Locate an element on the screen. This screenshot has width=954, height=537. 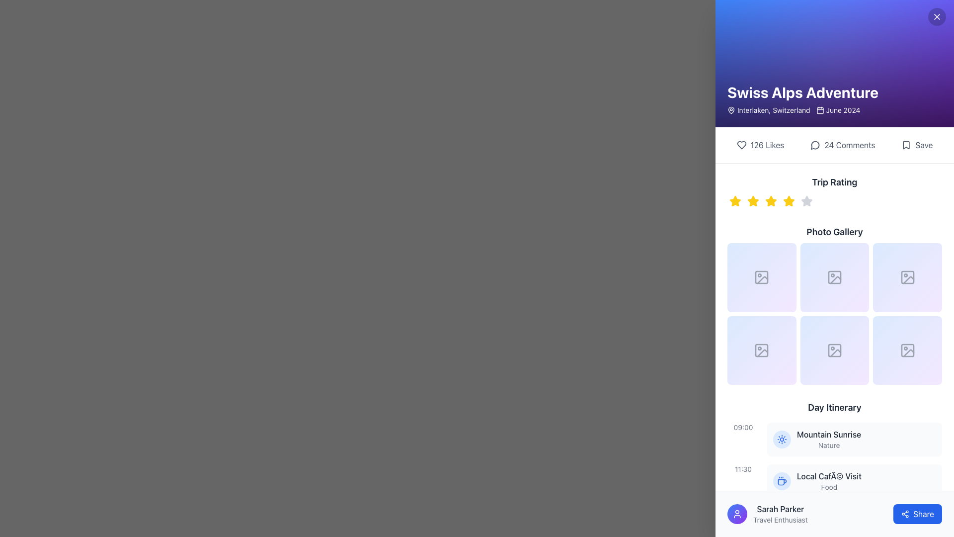
the 'Local Café Visit' itinerary entry, which features the time '11:30', a blue coffee cup icon, and is positioned between 'Mountain Sunrise' and 'Historical Tour' is located at coordinates (835, 481).